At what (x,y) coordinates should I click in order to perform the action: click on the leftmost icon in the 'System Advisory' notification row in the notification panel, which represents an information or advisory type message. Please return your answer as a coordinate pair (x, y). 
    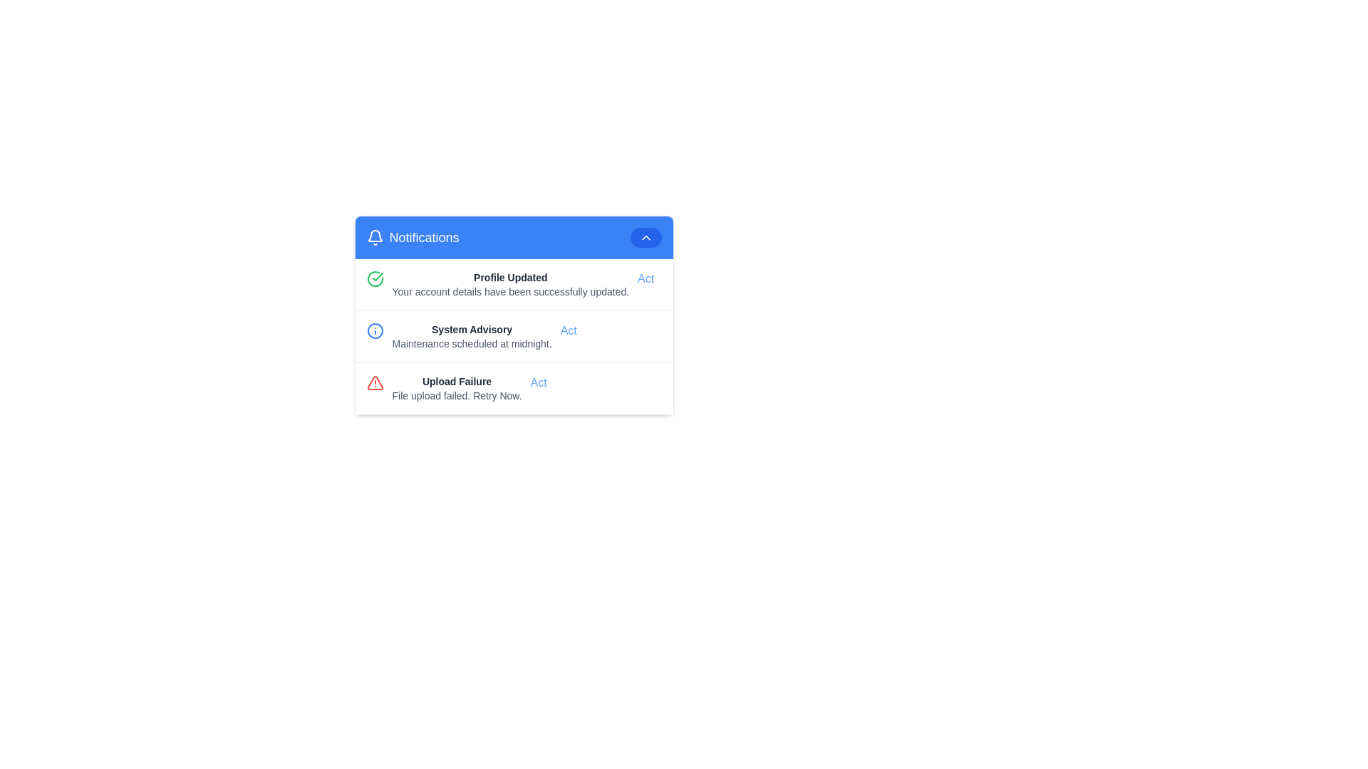
    Looking at the image, I should click on (375, 331).